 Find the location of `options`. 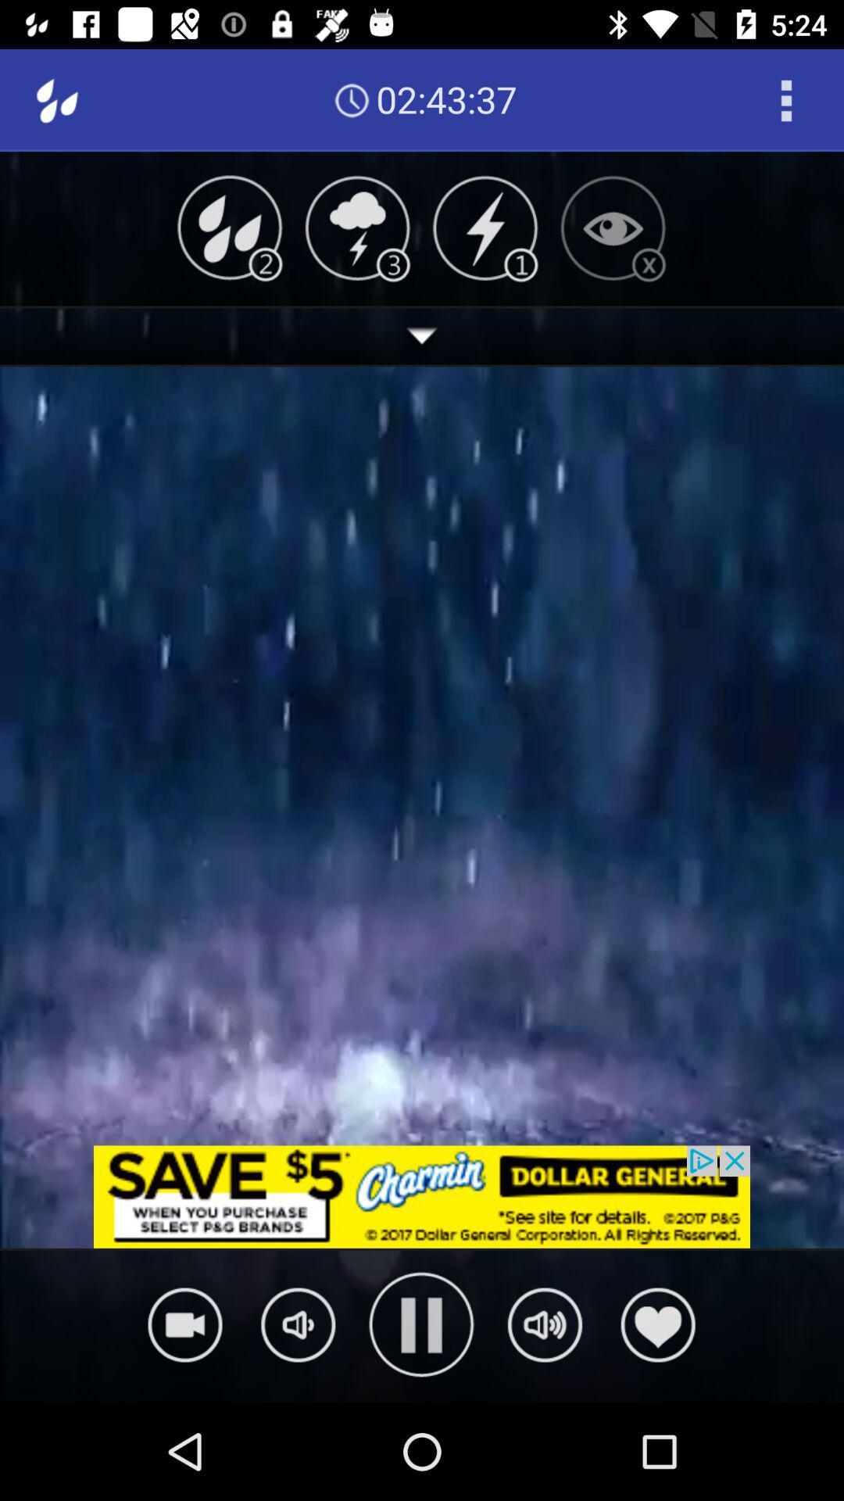

options is located at coordinates (786, 99).